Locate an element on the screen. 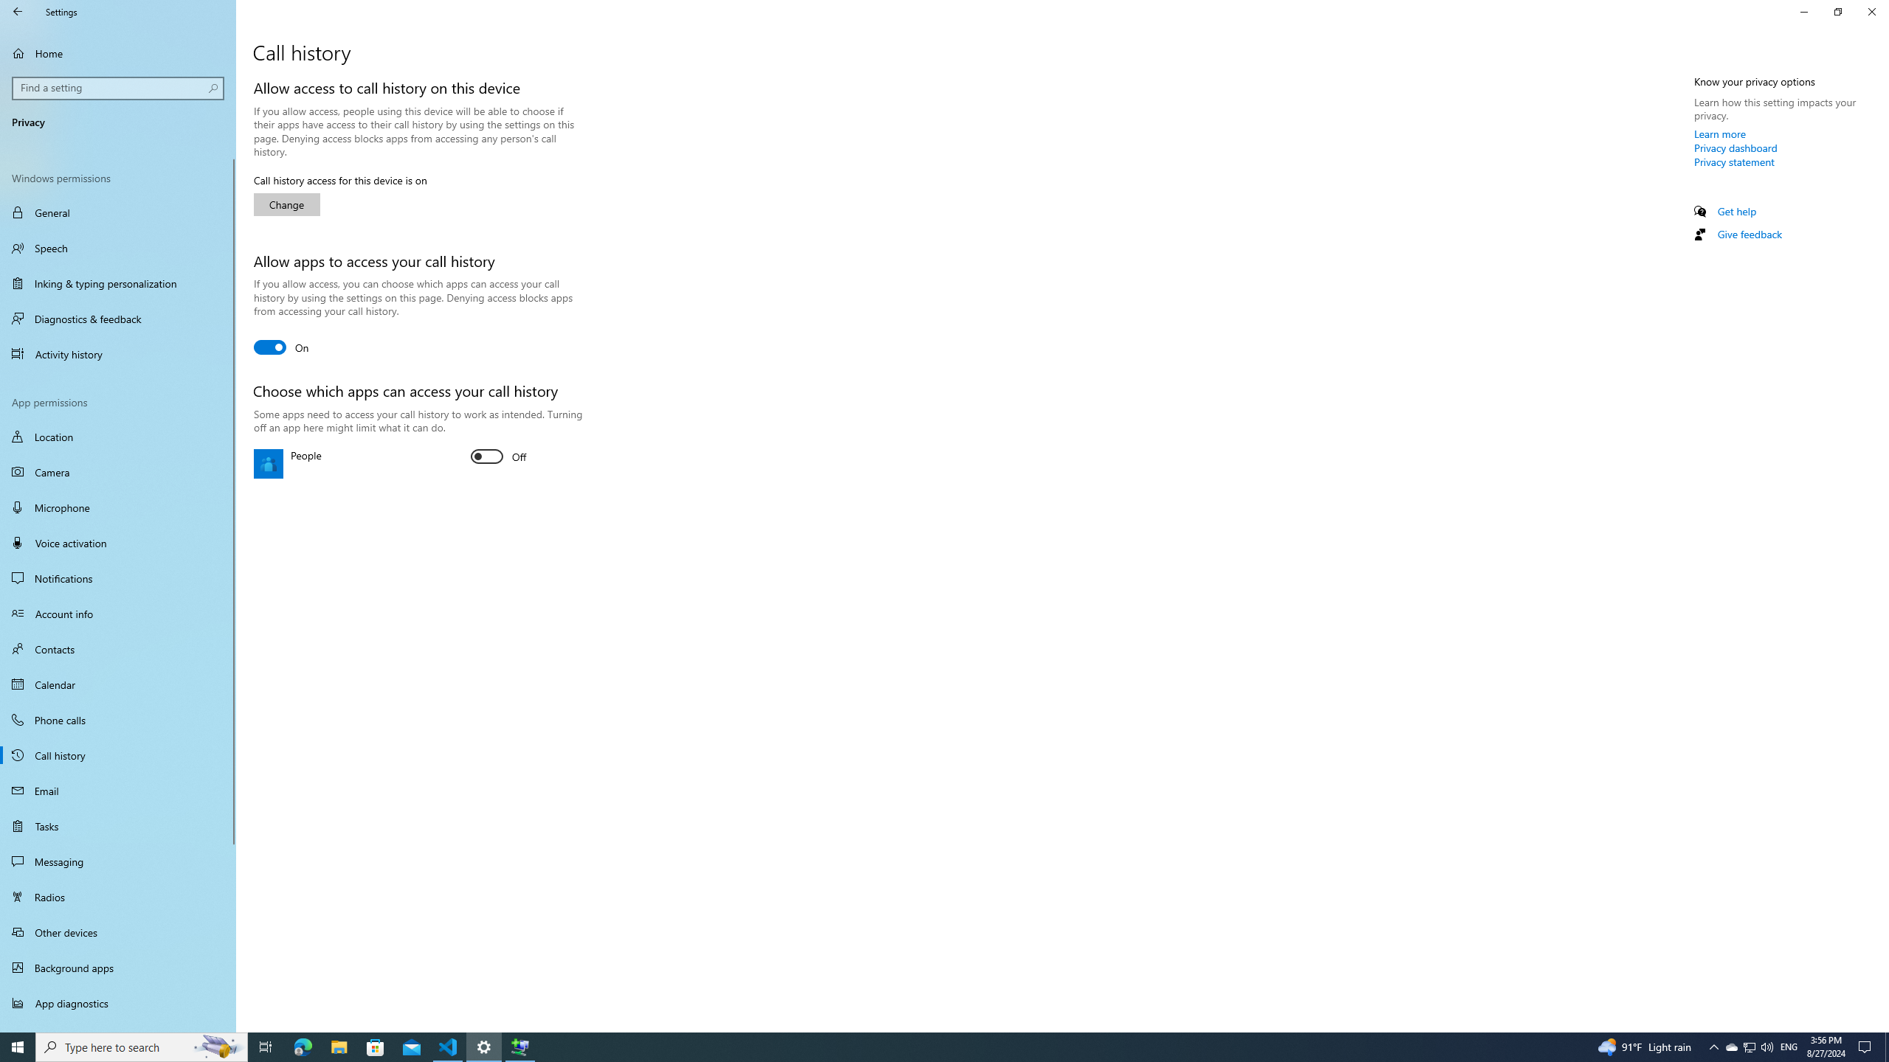  'Tasks' is located at coordinates (117, 825).